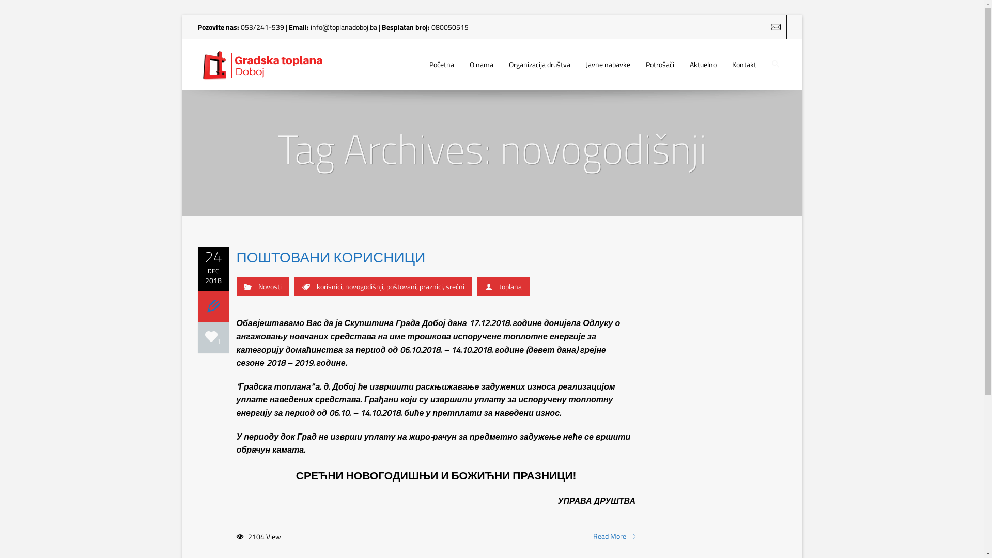 The image size is (992, 558). What do you see at coordinates (614, 535) in the screenshot?
I see `'Read More'` at bounding box center [614, 535].